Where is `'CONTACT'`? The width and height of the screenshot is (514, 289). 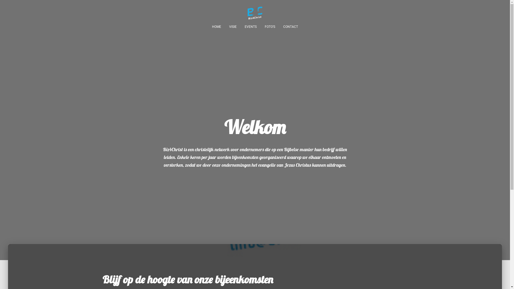 'CONTACT' is located at coordinates (290, 27).